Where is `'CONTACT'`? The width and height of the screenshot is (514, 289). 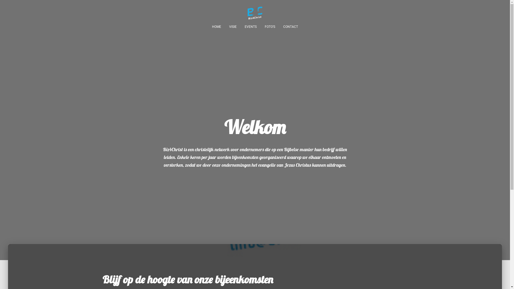 'CONTACT' is located at coordinates (290, 27).